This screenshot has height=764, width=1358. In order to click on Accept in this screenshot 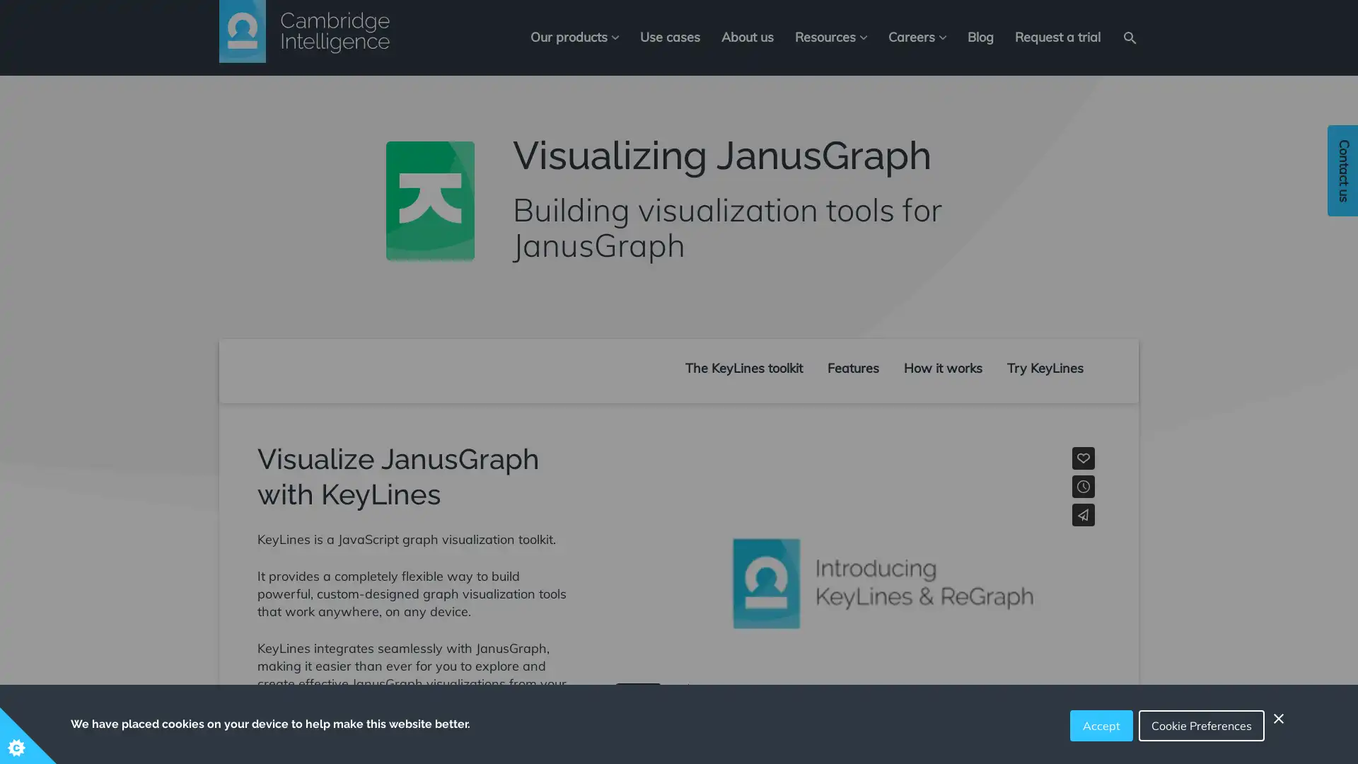, I will do `click(1101, 726)`.